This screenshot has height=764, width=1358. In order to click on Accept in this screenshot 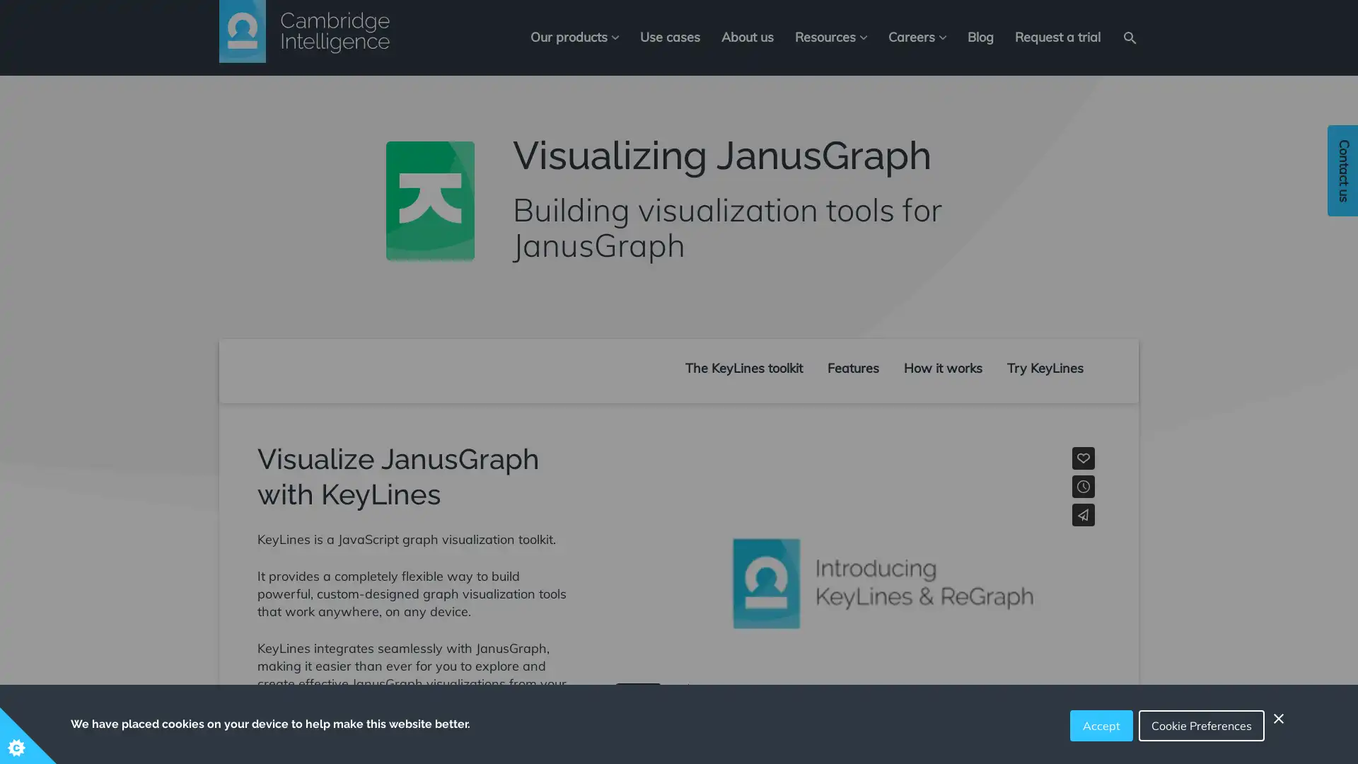, I will do `click(1101, 726)`.